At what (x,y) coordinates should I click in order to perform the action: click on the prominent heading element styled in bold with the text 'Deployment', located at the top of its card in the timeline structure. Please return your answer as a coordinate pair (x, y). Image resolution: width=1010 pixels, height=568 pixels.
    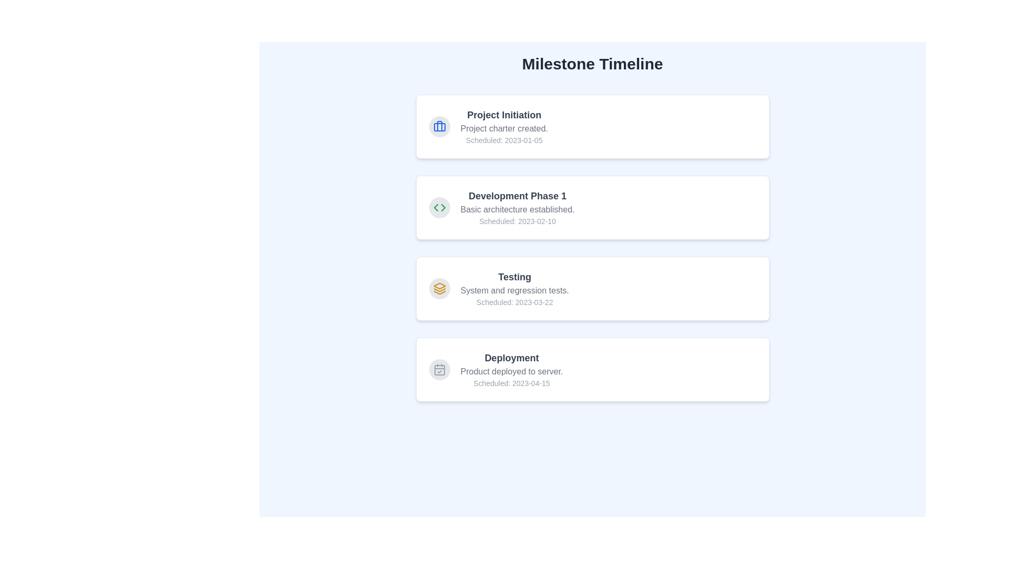
    Looking at the image, I should click on (511, 358).